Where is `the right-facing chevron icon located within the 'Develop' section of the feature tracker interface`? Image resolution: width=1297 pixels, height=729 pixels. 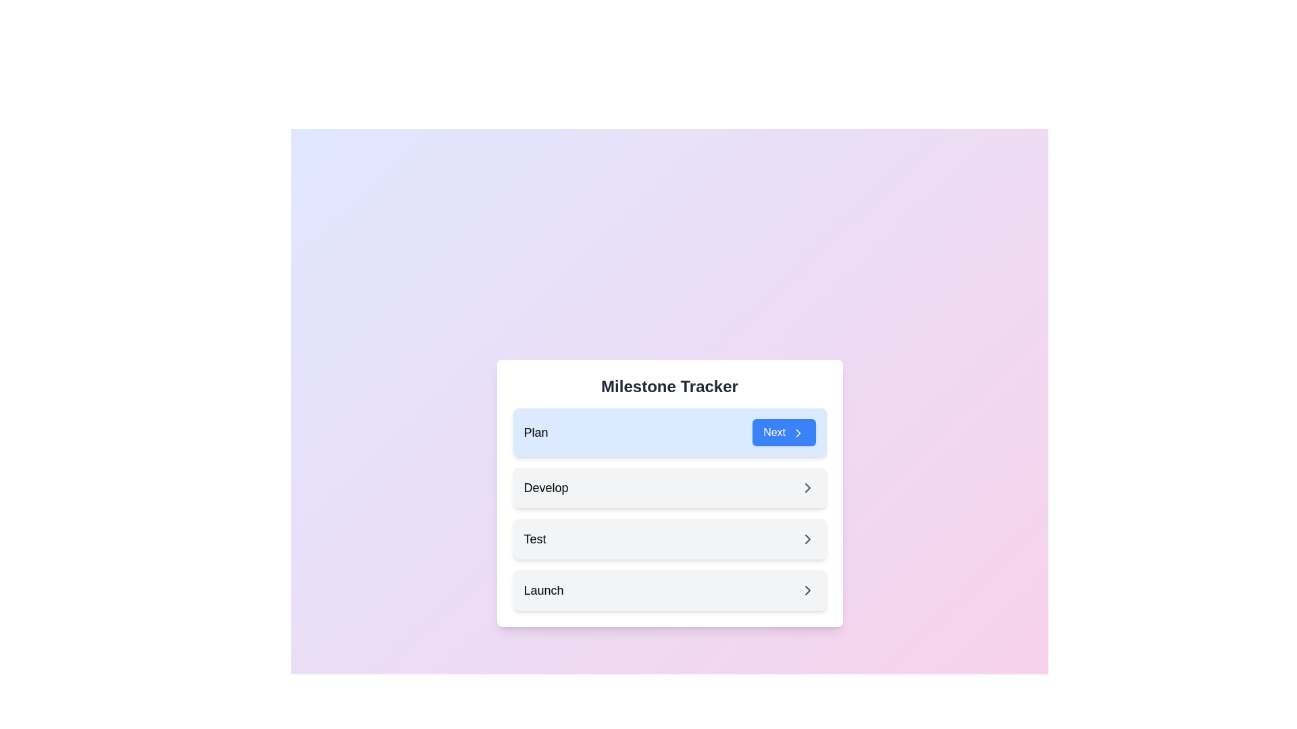 the right-facing chevron icon located within the 'Develop' section of the feature tracker interface is located at coordinates (807, 487).